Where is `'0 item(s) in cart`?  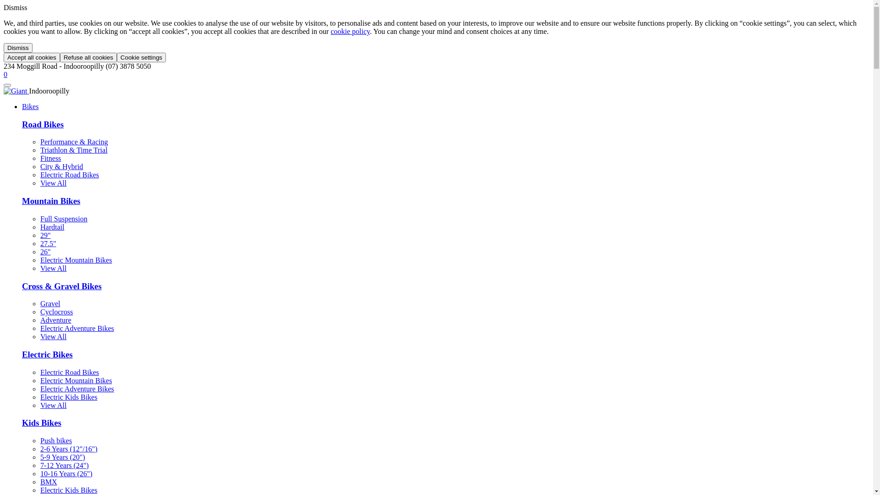 '0 item(s) in cart is located at coordinates (4, 74).